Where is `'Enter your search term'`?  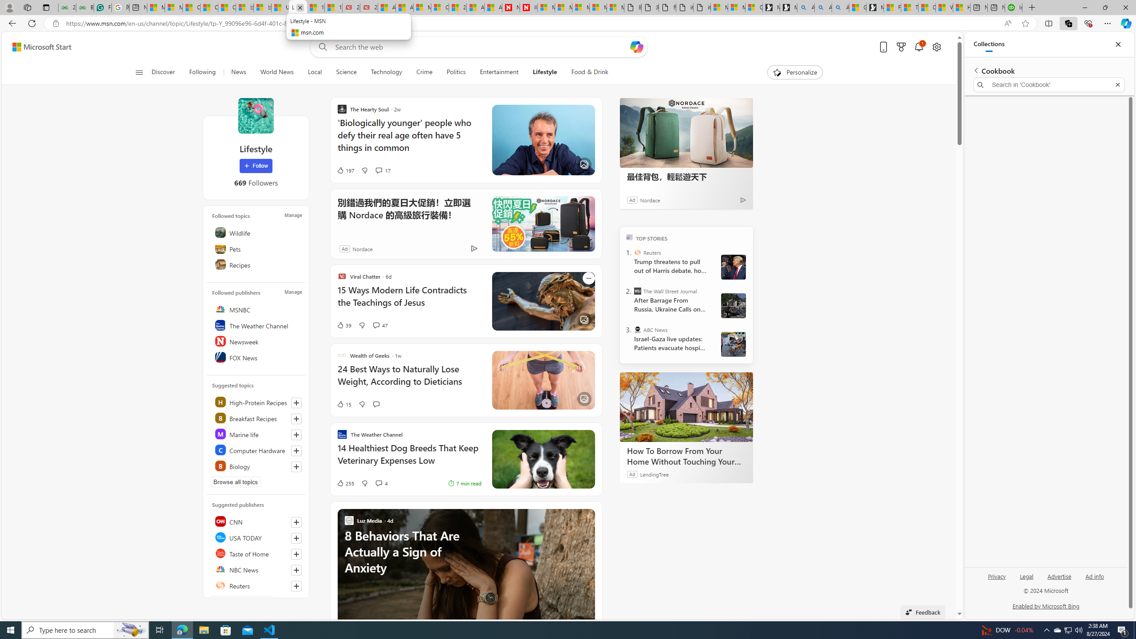 'Enter your search term' is located at coordinates (481, 46).